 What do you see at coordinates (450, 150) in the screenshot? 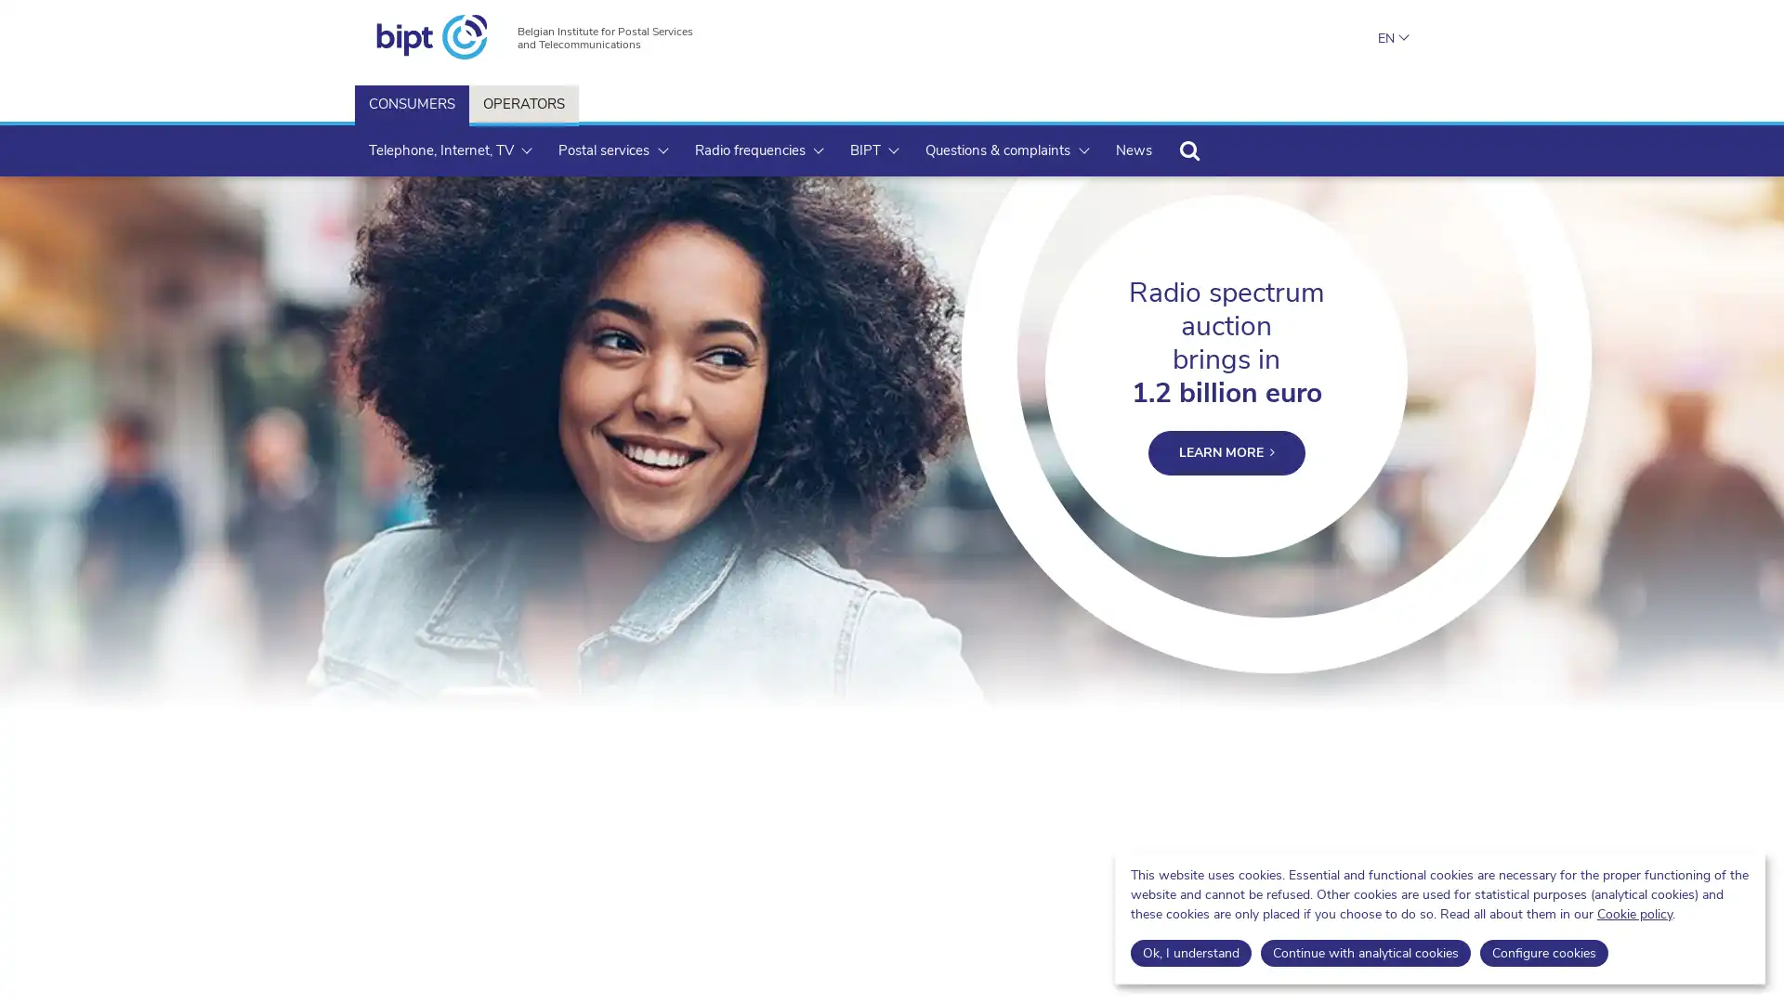
I see `Telephone, Internet, TV` at bounding box center [450, 150].